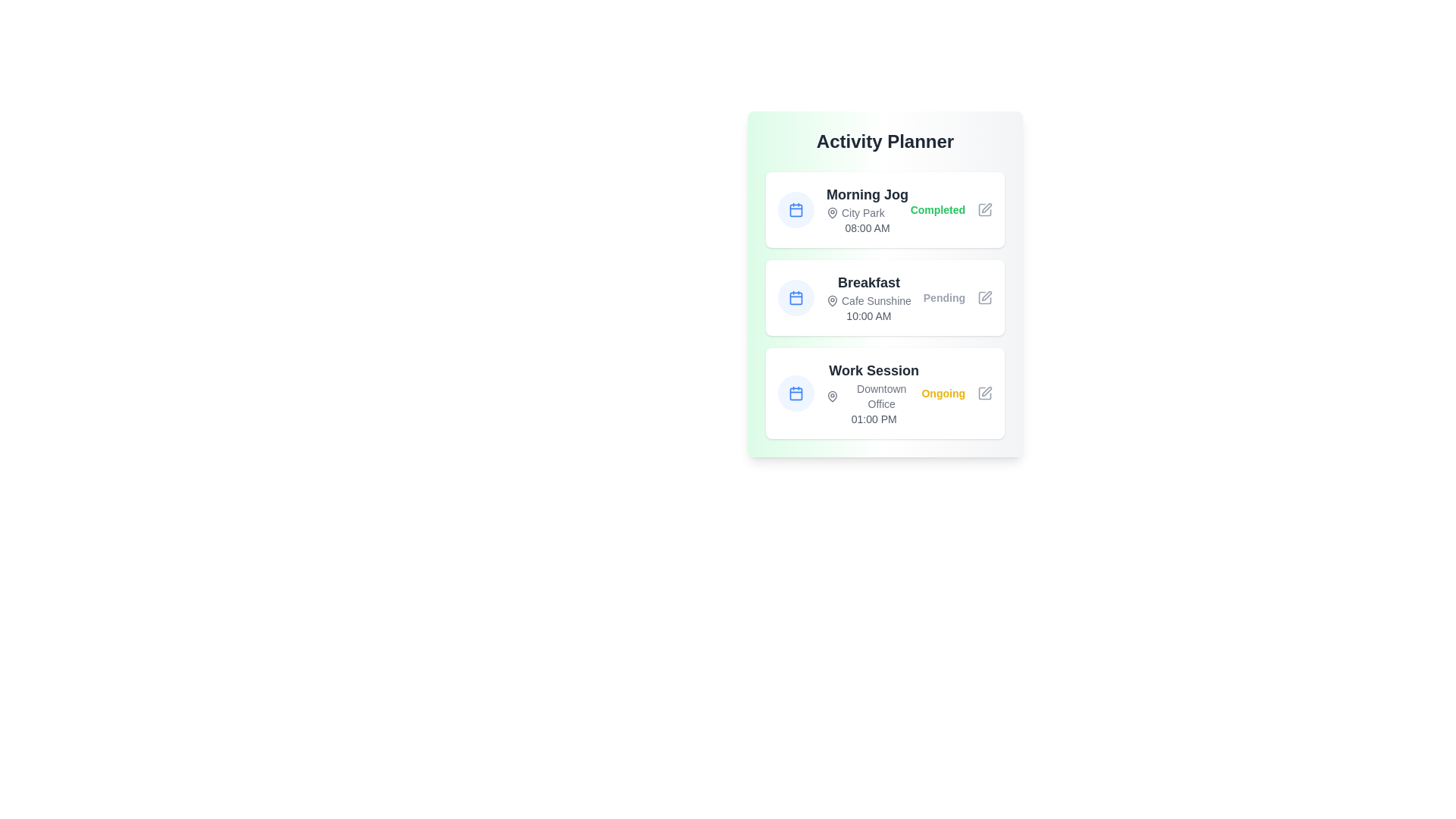 This screenshot has height=819, width=1456. Describe the element at coordinates (867, 227) in the screenshot. I see `the static text display showing '08:00 AM' located below 'City Park' and to the right of the calendar icon in the 'Activity Planner' card for 'Morning Jog'` at that location.